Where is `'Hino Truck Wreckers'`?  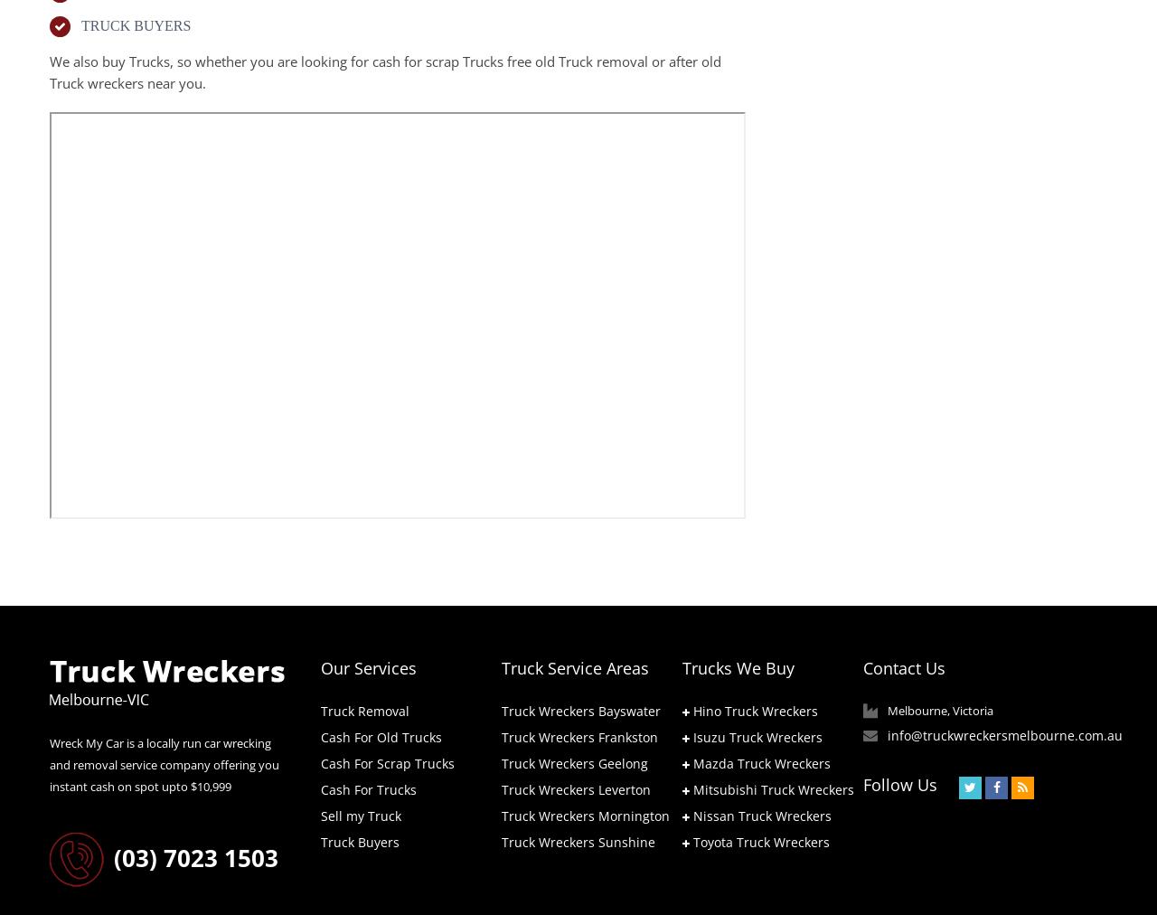
'Hino Truck Wreckers' is located at coordinates (755, 709).